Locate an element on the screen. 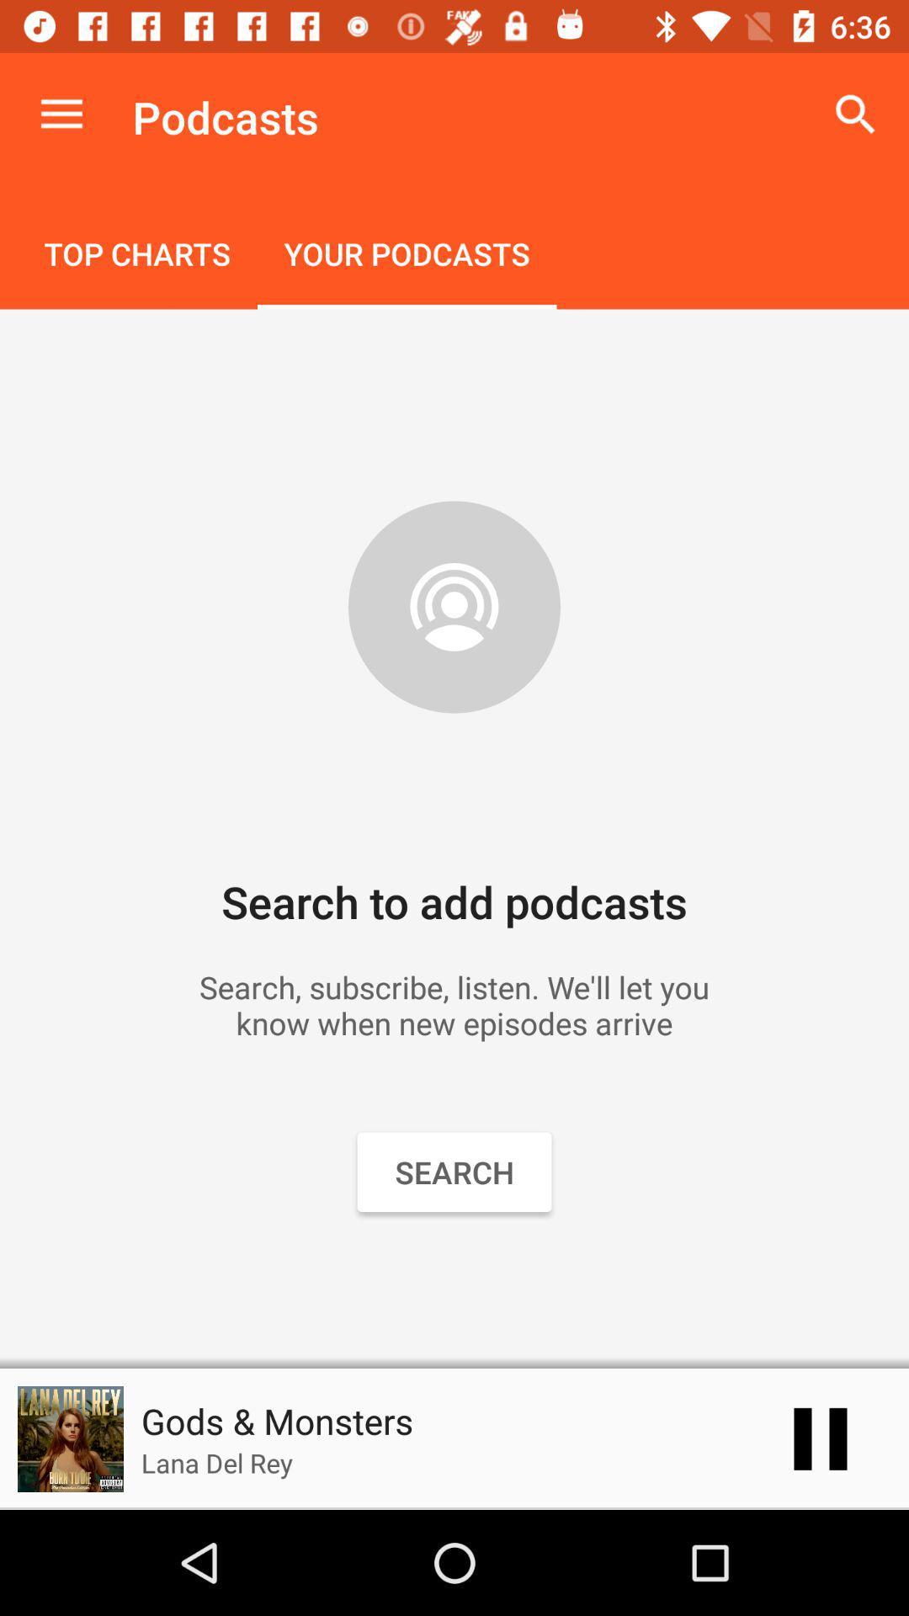 The width and height of the screenshot is (909, 1616). top charts icon is located at coordinates (136, 255).